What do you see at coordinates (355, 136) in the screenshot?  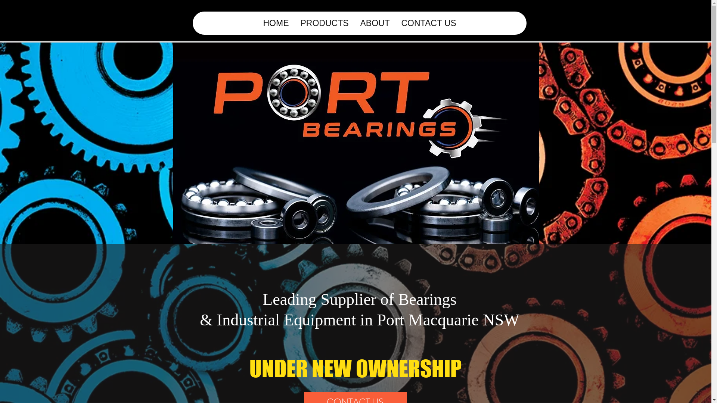 I see `'Professional business card.jpg'` at bounding box center [355, 136].